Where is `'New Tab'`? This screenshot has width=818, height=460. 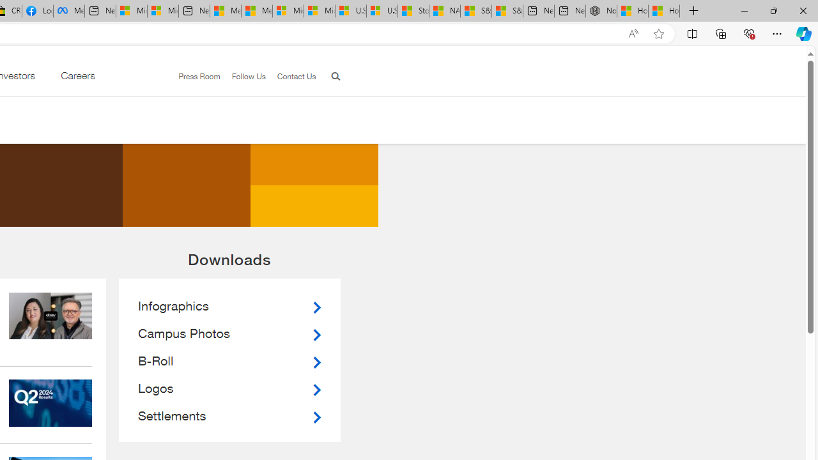 'New Tab' is located at coordinates (693, 11).